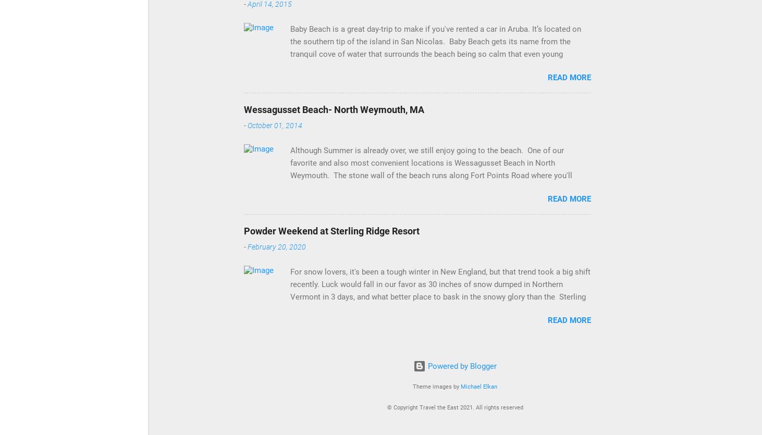 The width and height of the screenshot is (762, 435). I want to click on '© Copyright Travel the East 2021. All rights reserved', so click(386, 406).